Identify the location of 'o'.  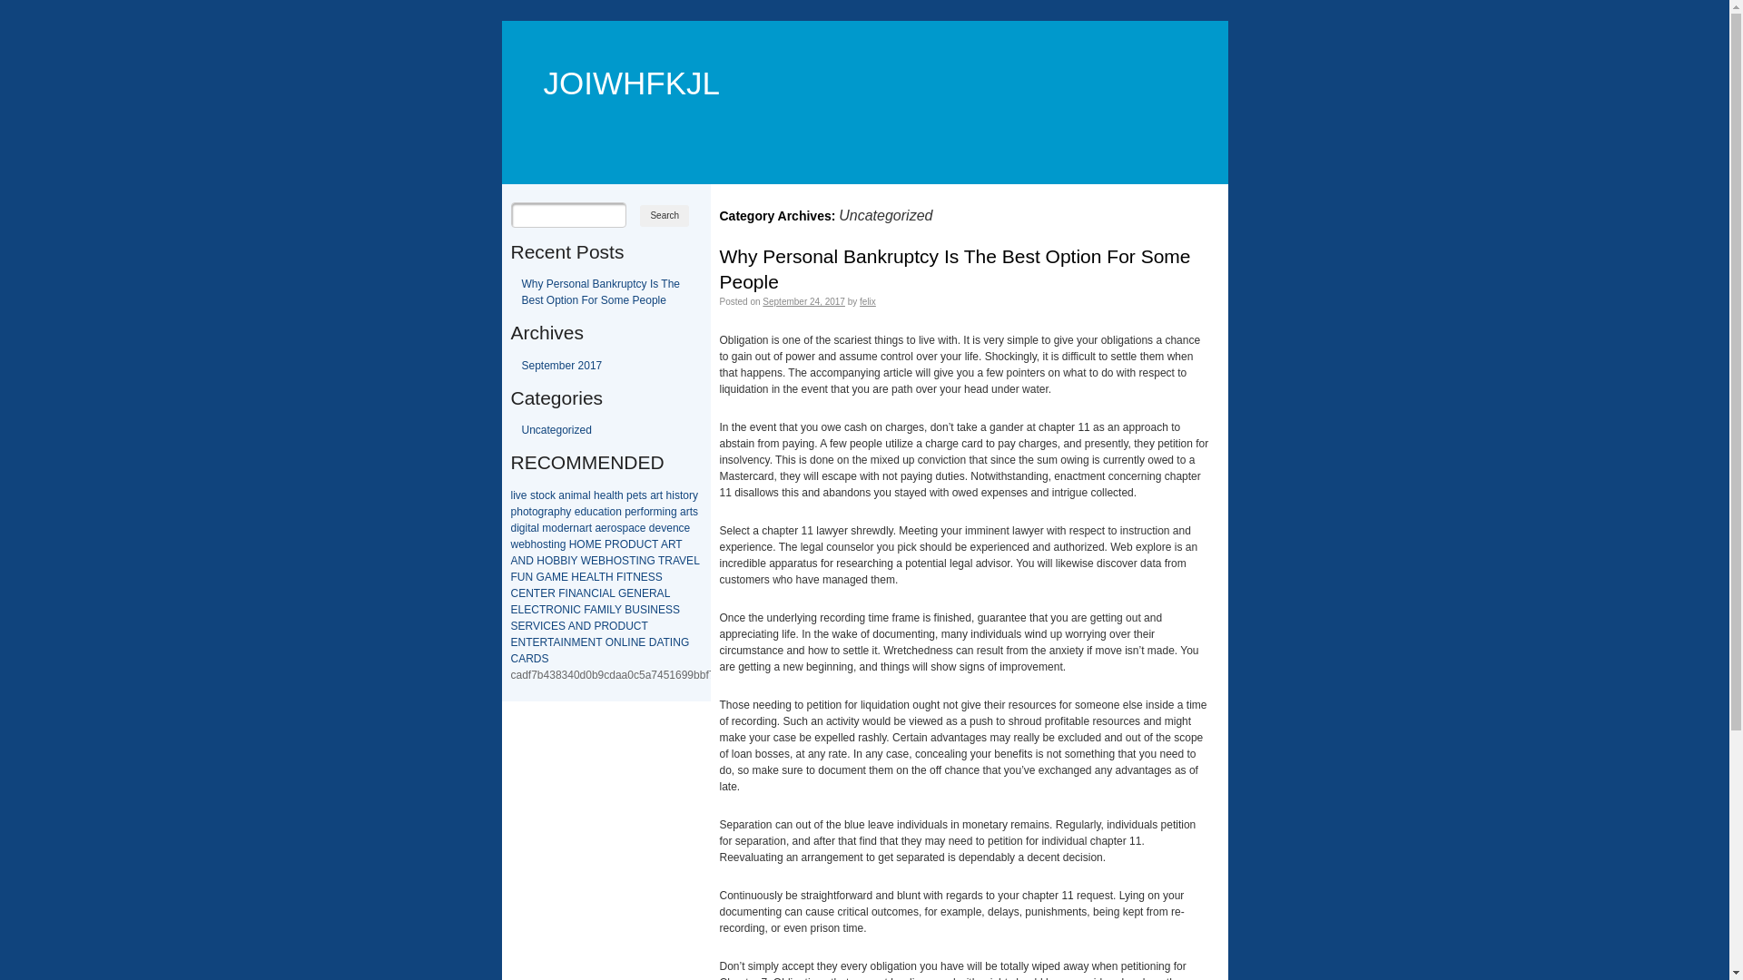
(525, 511).